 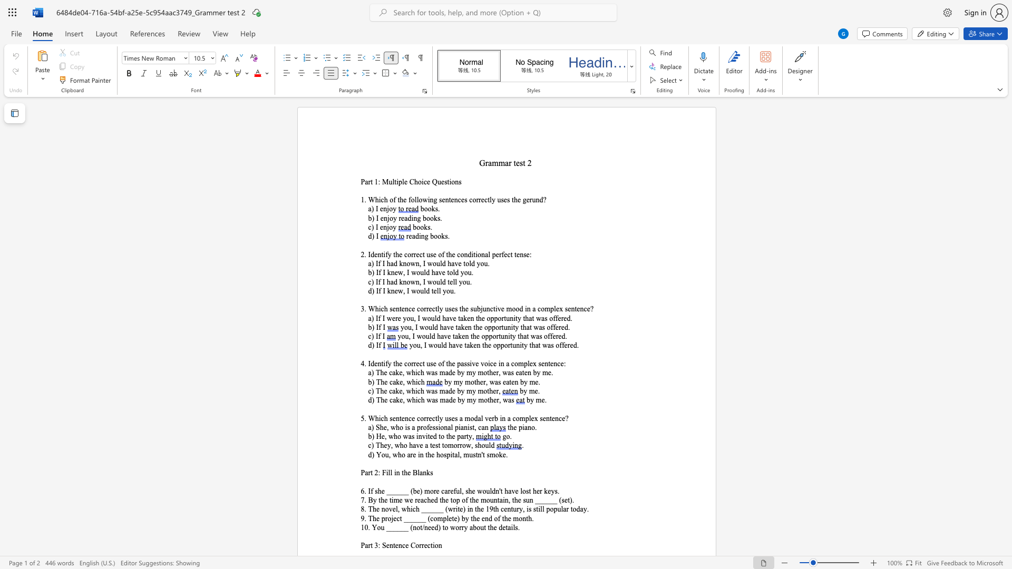 What do you see at coordinates (557, 491) in the screenshot?
I see `the space between the continuous character "s" and "." in the text` at bounding box center [557, 491].